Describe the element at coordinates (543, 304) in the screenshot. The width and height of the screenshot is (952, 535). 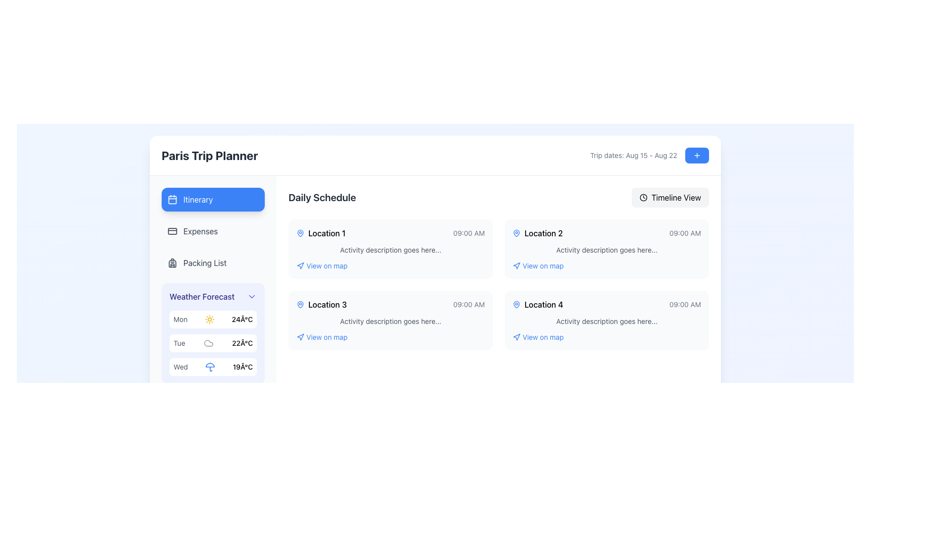
I see `the fourth Text label indicating a specific location entry in the daily schedule section, located next to a blue map pin icon` at that location.